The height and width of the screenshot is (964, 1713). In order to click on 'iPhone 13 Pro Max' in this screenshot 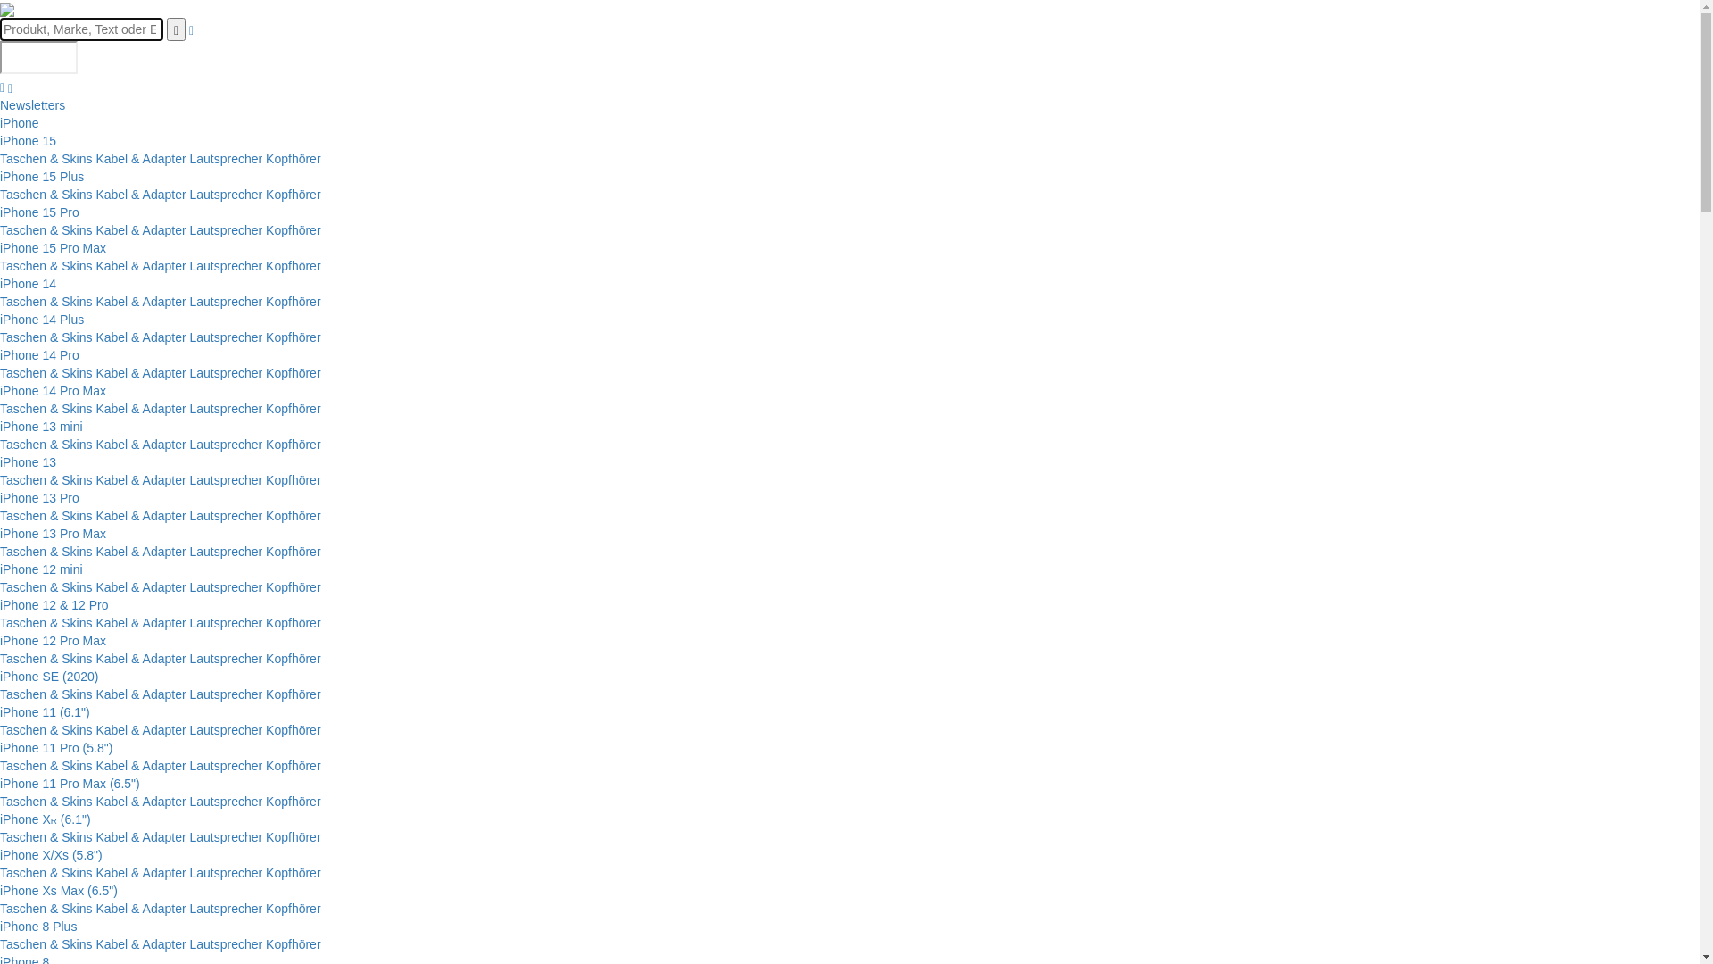, I will do `click(53, 532)`.